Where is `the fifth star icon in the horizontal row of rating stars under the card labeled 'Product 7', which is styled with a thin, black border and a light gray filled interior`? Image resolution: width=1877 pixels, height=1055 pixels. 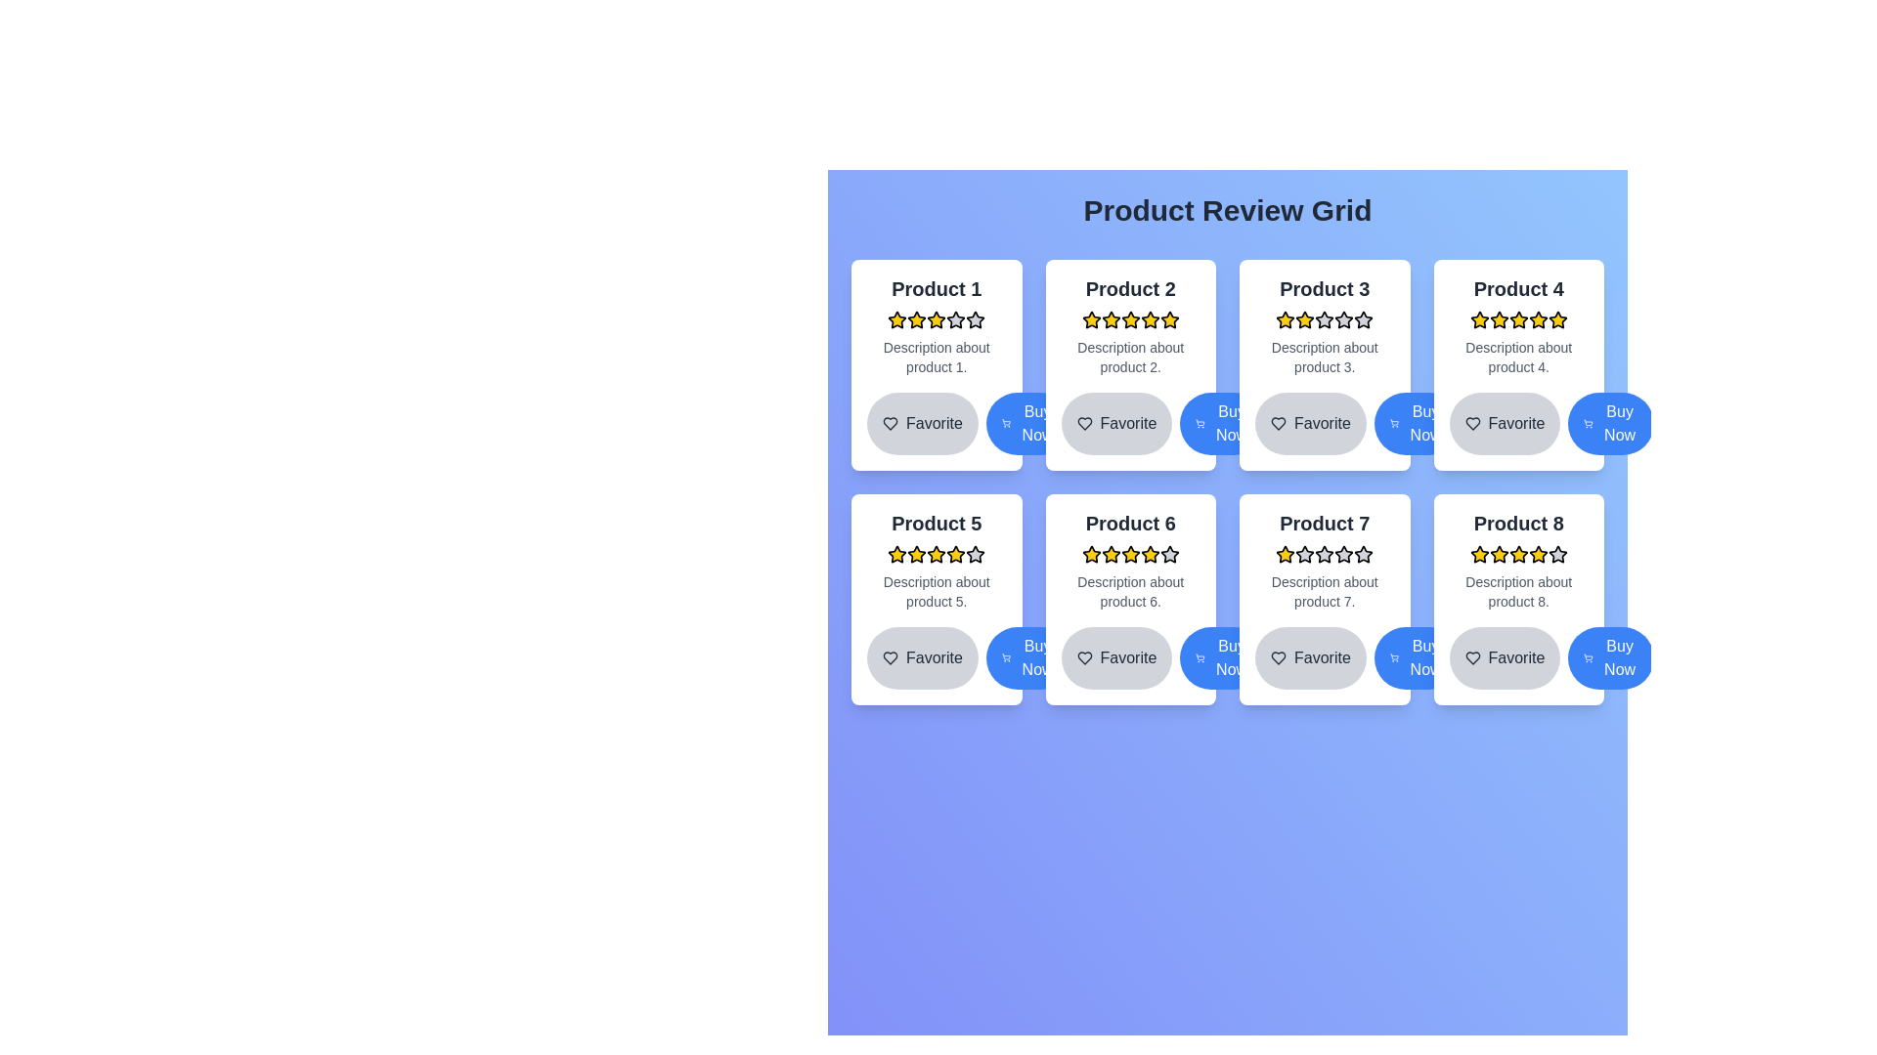
the fifth star icon in the horizontal row of rating stars under the card labeled 'Product 7', which is styled with a thin, black border and a light gray filled interior is located at coordinates (1343, 554).